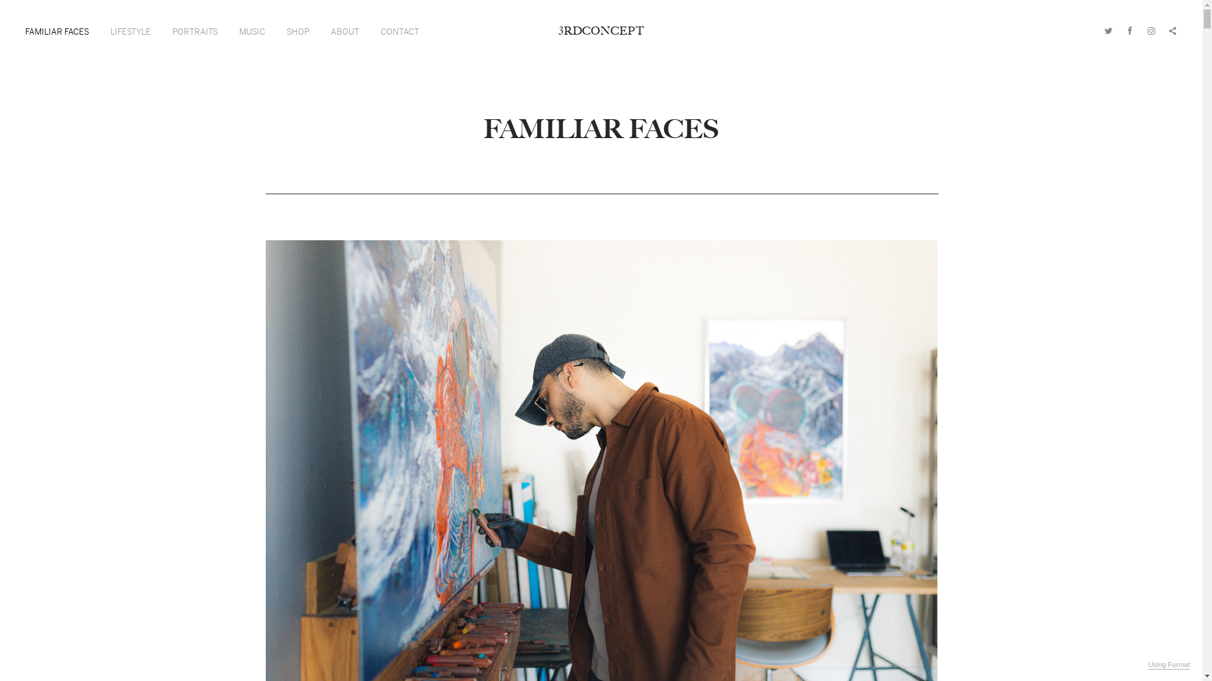  I want to click on 'Instagram', so click(1151, 30).